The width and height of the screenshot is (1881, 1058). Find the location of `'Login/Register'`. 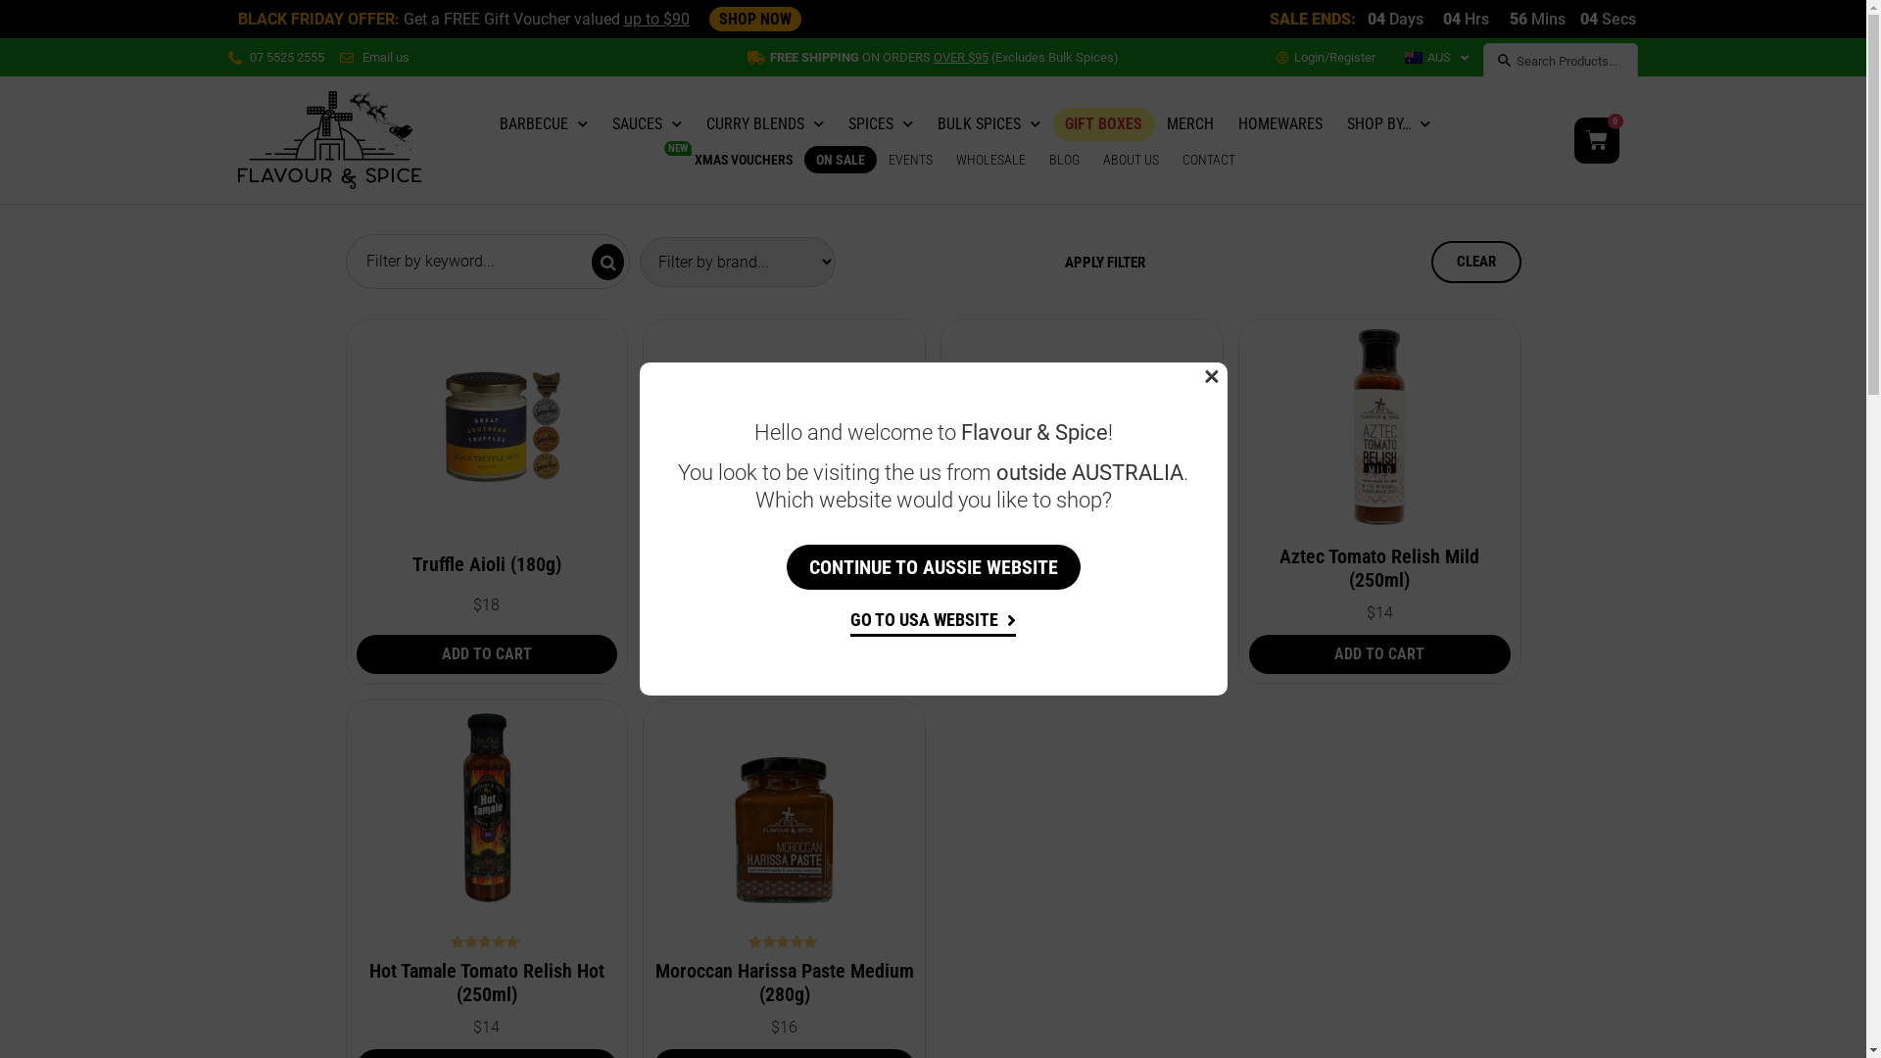

'Login/Register' is located at coordinates (1326, 56).